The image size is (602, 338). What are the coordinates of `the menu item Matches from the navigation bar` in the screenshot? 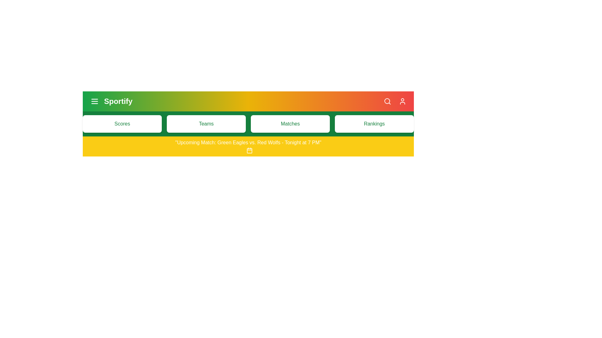 It's located at (290, 124).